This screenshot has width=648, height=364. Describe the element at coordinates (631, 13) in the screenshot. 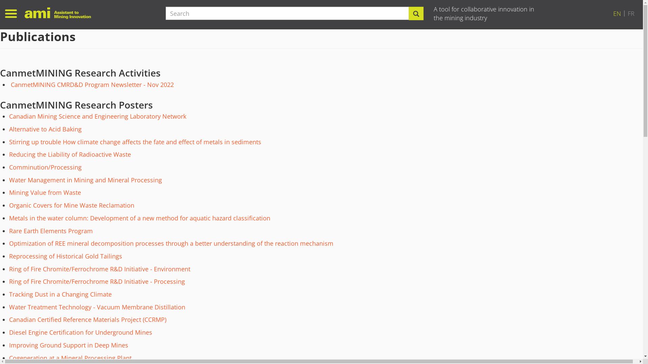

I see `'FR'` at that location.